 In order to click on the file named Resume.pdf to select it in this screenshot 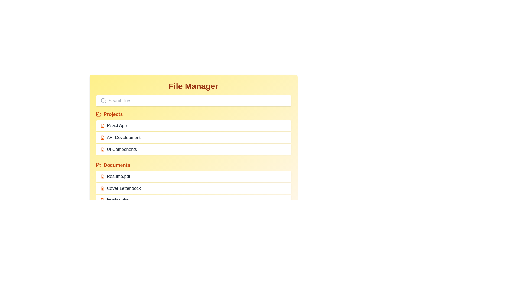, I will do `click(193, 176)`.